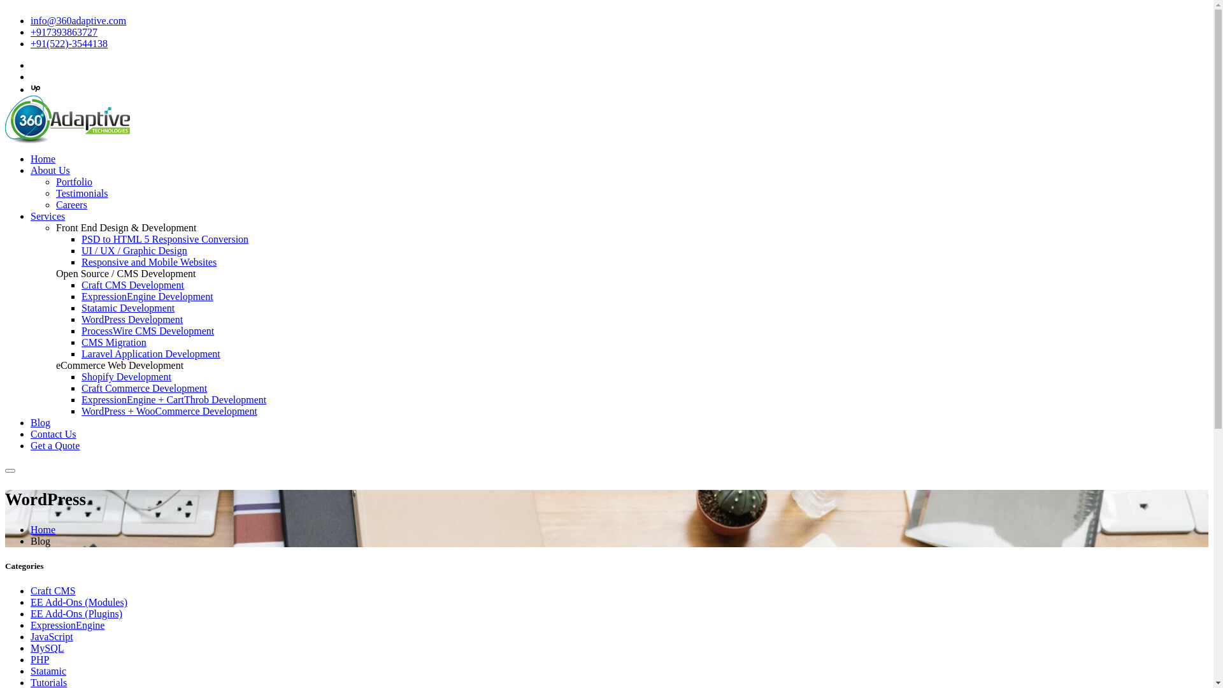 The image size is (1223, 688). Describe the element at coordinates (81, 341) in the screenshot. I see `'CMS Migration'` at that location.